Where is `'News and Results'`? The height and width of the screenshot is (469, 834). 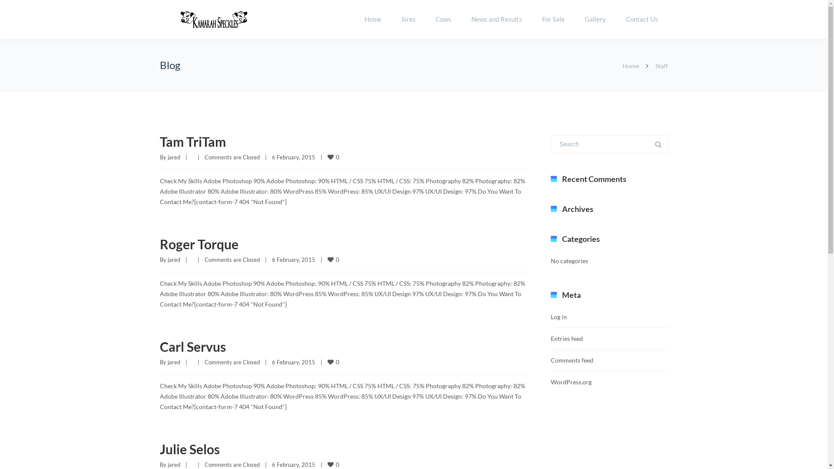 'News and Results' is located at coordinates (460, 20).